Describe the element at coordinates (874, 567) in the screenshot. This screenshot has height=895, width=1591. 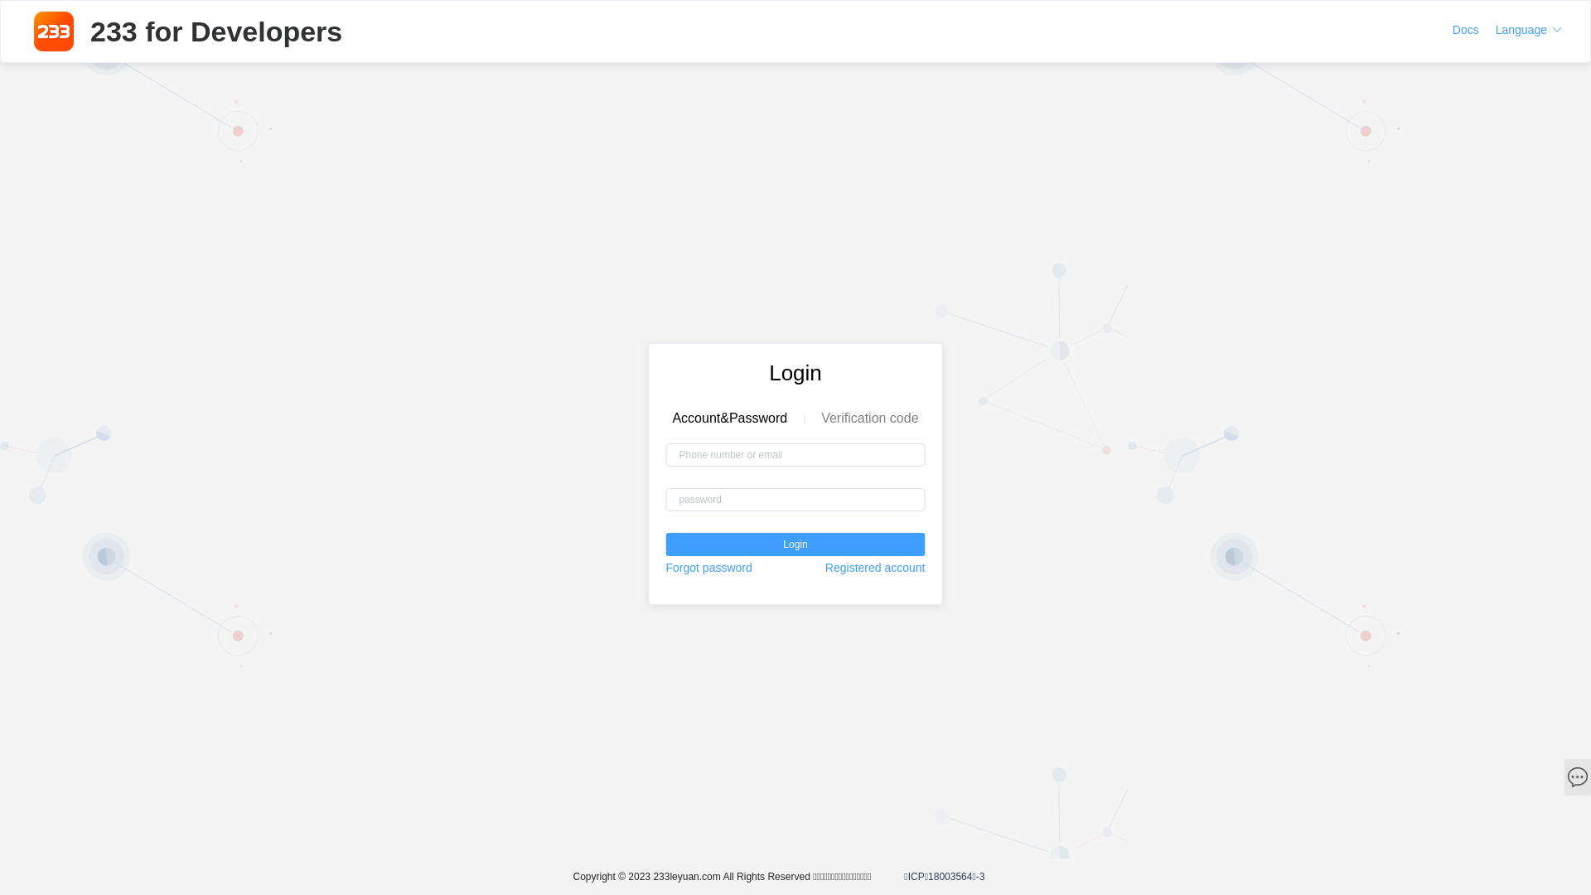
I see `'Registered account'` at that location.